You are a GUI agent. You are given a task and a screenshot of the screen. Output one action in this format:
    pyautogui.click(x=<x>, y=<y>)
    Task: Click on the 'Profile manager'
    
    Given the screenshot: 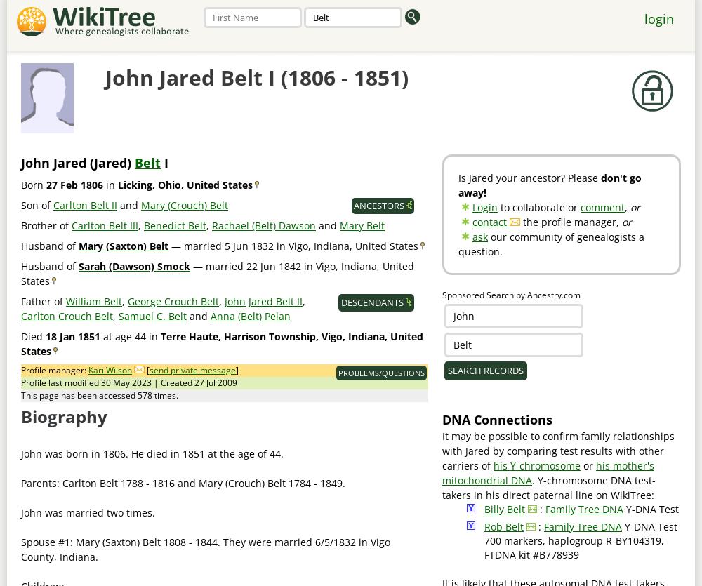 What is the action you would take?
    pyautogui.click(x=52, y=370)
    